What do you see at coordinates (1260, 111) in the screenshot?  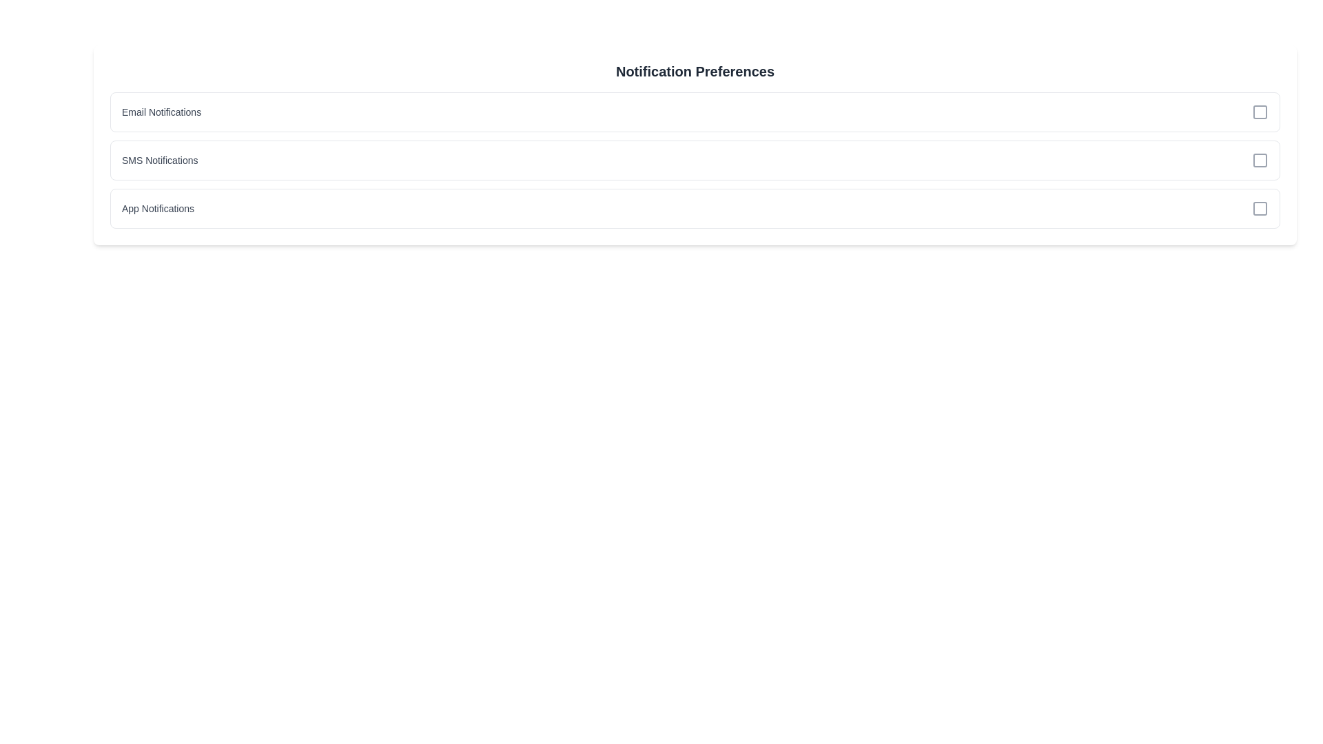 I see `the small gray square checkbox icon located next to the 'Email Notifications' label` at bounding box center [1260, 111].